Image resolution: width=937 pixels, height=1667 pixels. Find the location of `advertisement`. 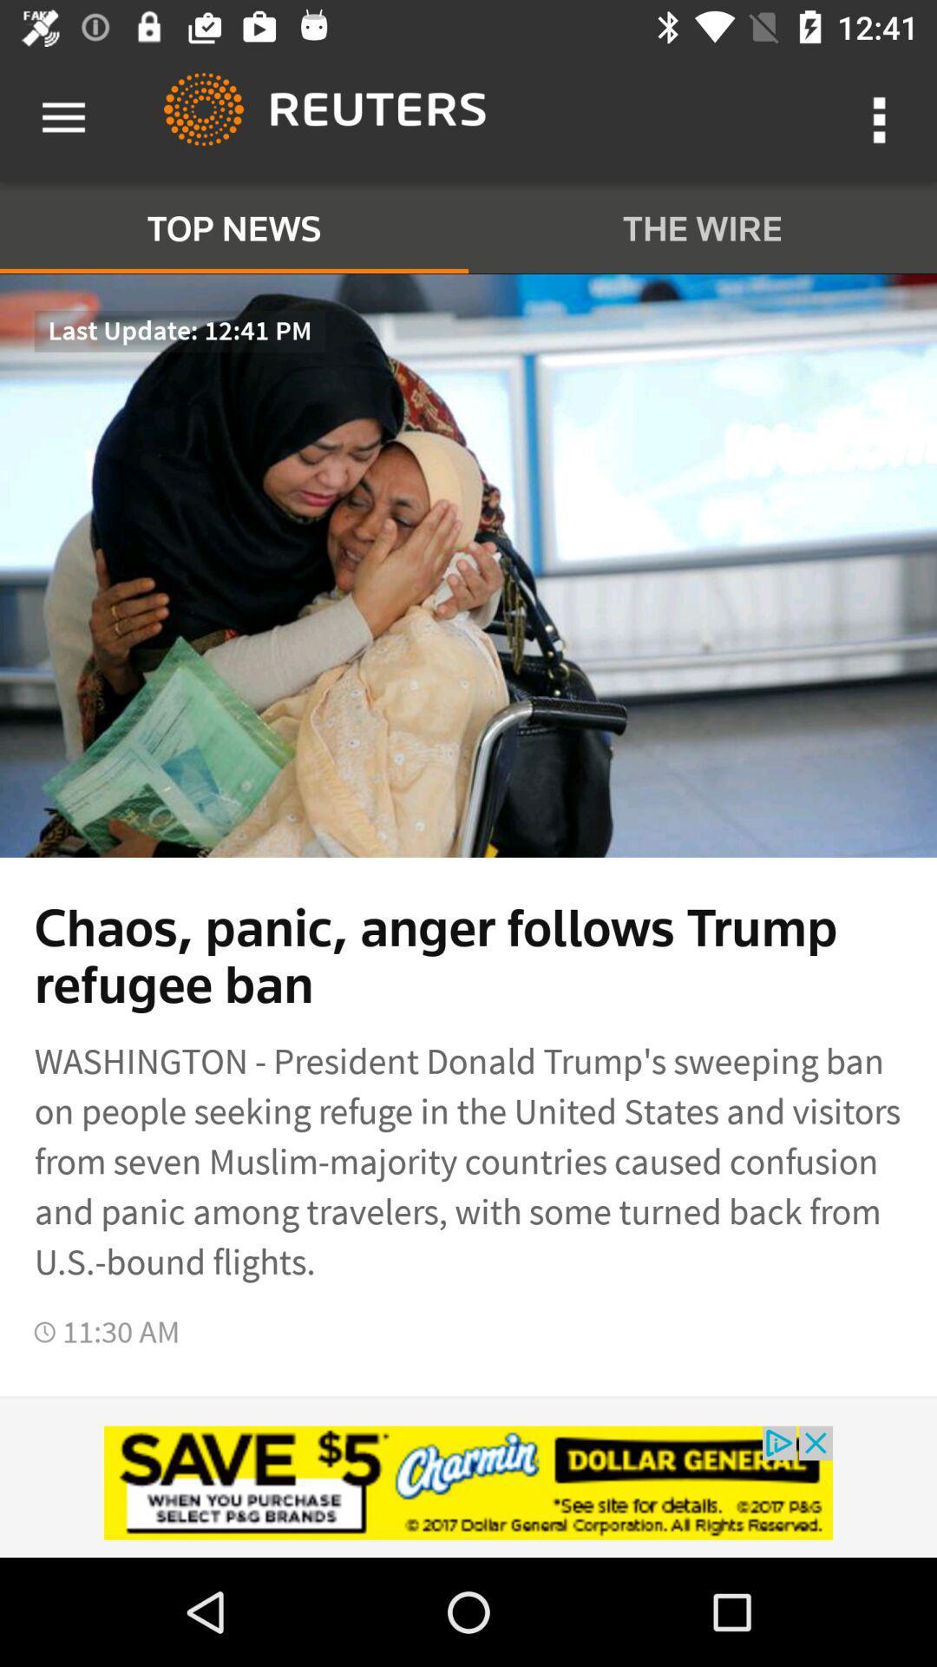

advertisement is located at coordinates (468, 1482).